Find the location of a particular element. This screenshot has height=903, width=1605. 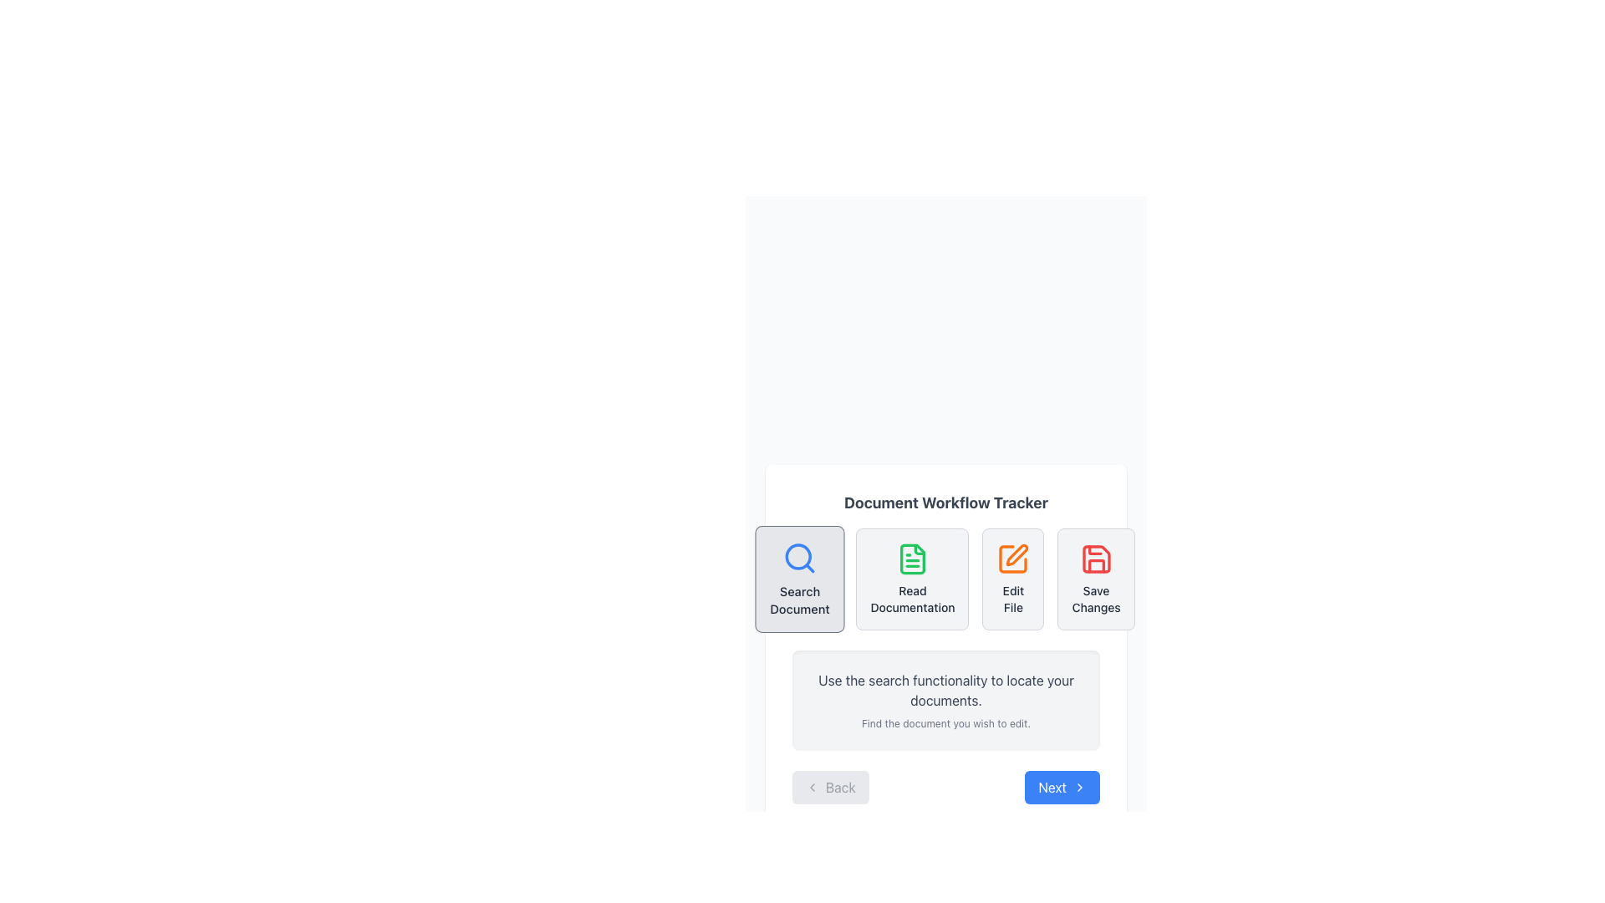

the decorative circle of the magnifying glass icon located at the top left corner of the 'Search Document' button is located at coordinates (797, 557).